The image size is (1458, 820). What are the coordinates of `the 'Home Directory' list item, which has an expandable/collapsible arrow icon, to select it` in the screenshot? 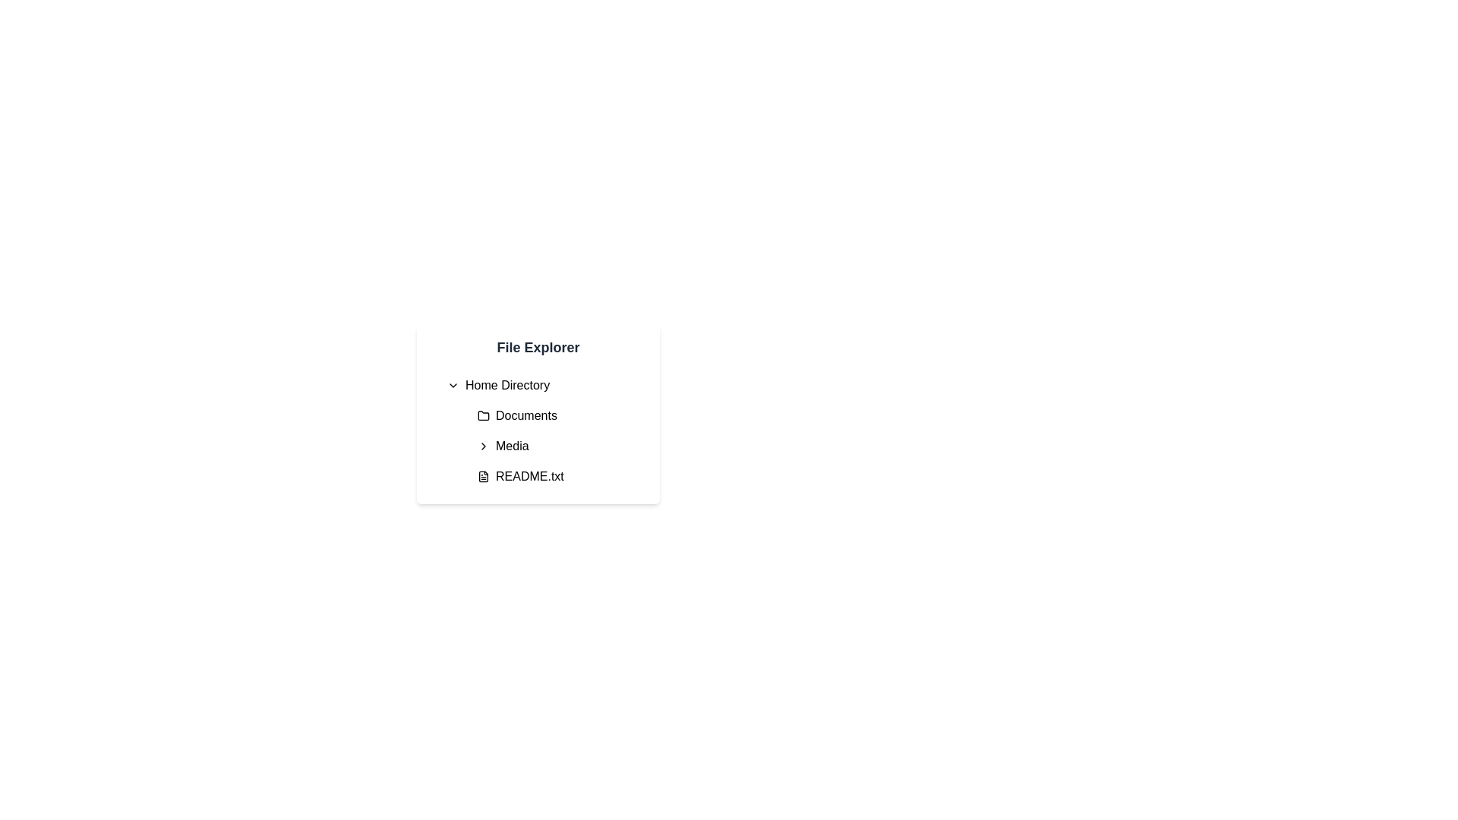 It's located at (544, 385).